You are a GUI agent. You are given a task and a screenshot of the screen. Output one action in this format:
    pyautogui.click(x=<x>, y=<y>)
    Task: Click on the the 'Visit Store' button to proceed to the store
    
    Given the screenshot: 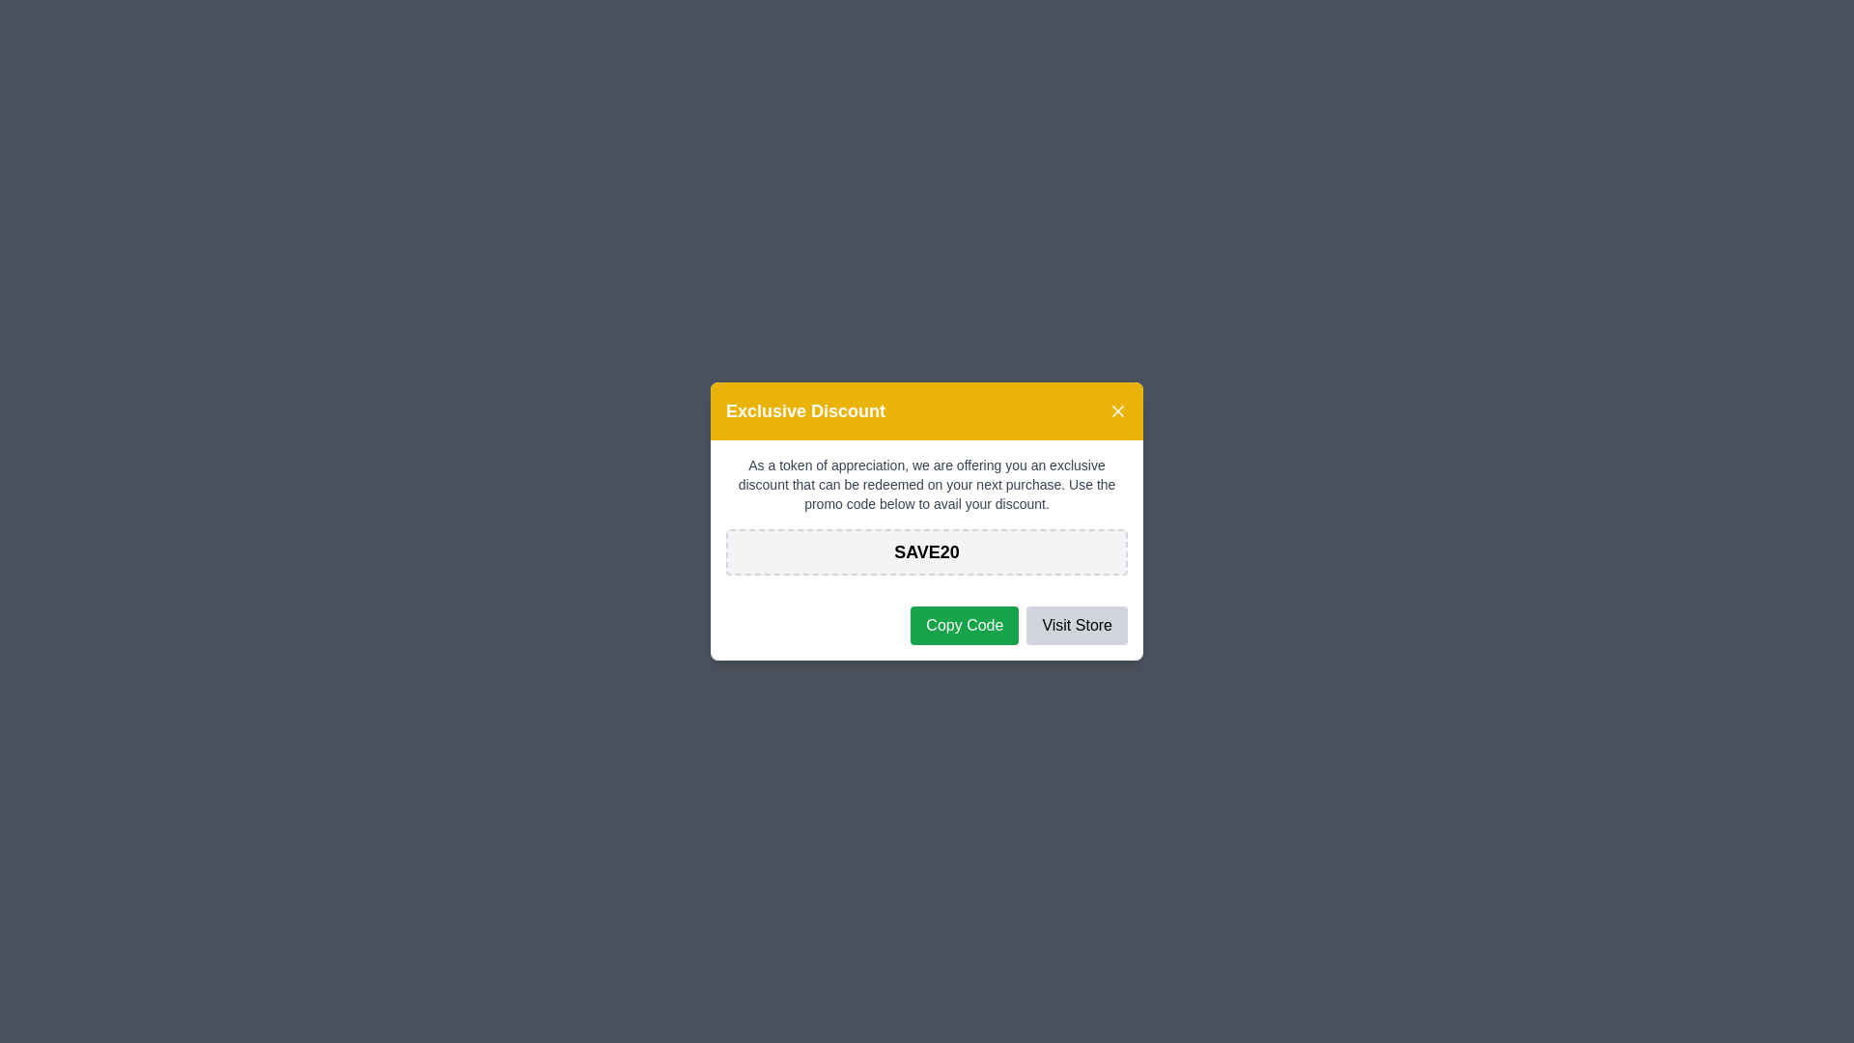 What is the action you would take?
    pyautogui.click(x=1076, y=626)
    